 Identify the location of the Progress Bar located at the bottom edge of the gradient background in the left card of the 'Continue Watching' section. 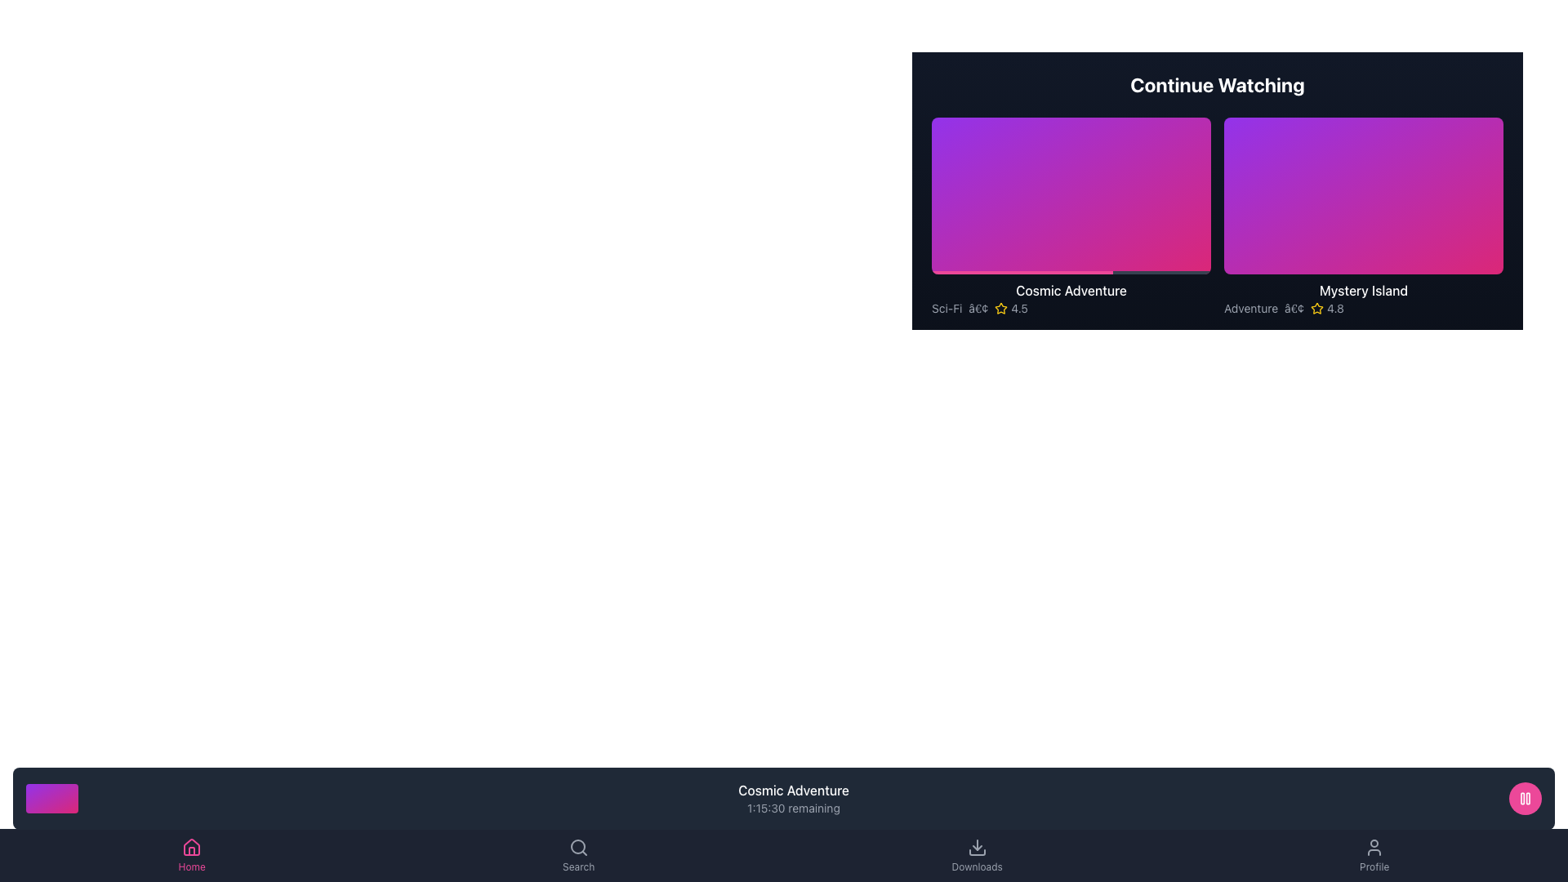
(1071, 272).